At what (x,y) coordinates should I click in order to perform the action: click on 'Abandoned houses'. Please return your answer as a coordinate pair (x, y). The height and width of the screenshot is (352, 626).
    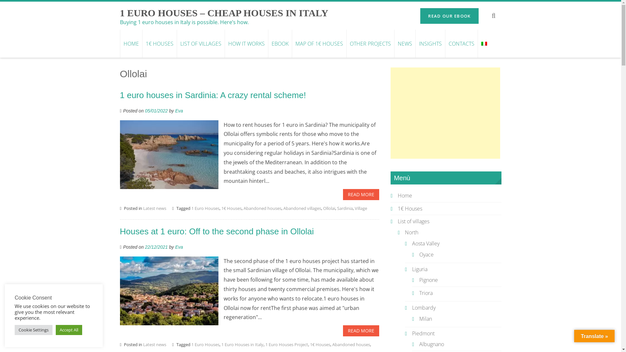
    Looking at the image, I should click on (262, 208).